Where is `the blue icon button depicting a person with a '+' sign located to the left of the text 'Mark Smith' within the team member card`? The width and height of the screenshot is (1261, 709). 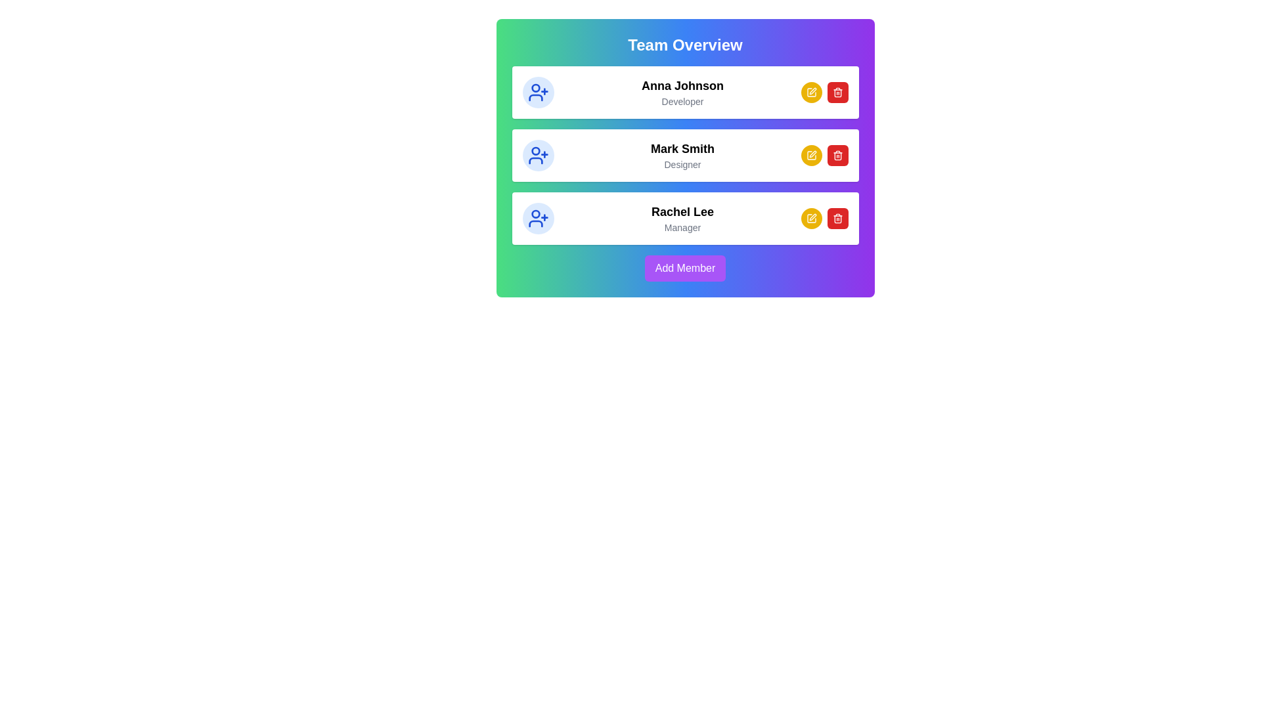 the blue icon button depicting a person with a '+' sign located to the left of the text 'Mark Smith' within the team member card is located at coordinates (538, 154).